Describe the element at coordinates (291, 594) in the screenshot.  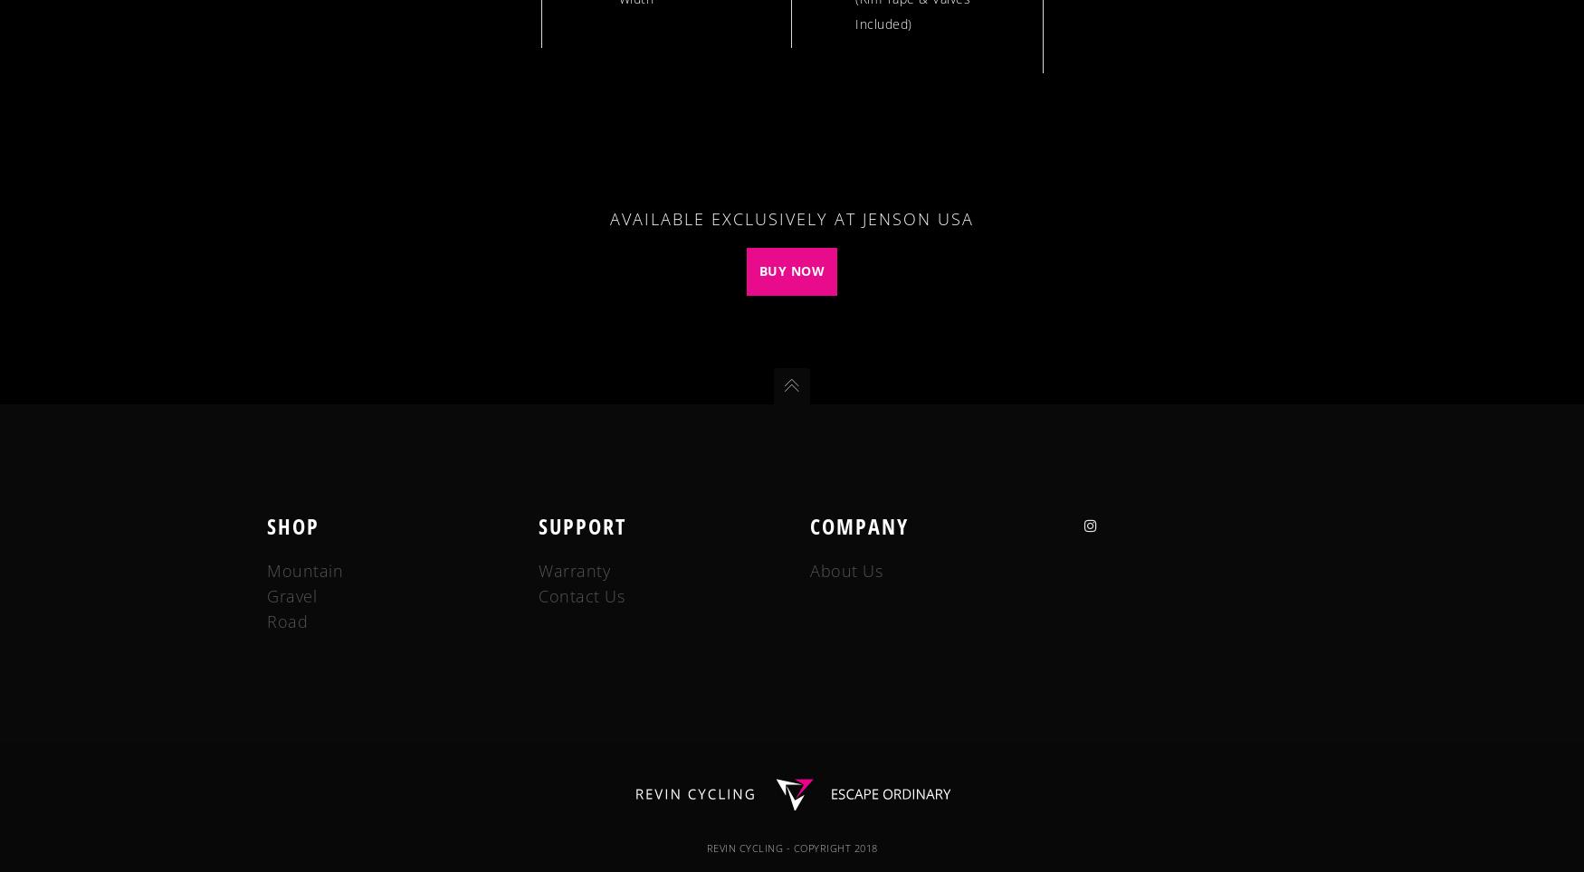
I see `'Gravel'` at that location.